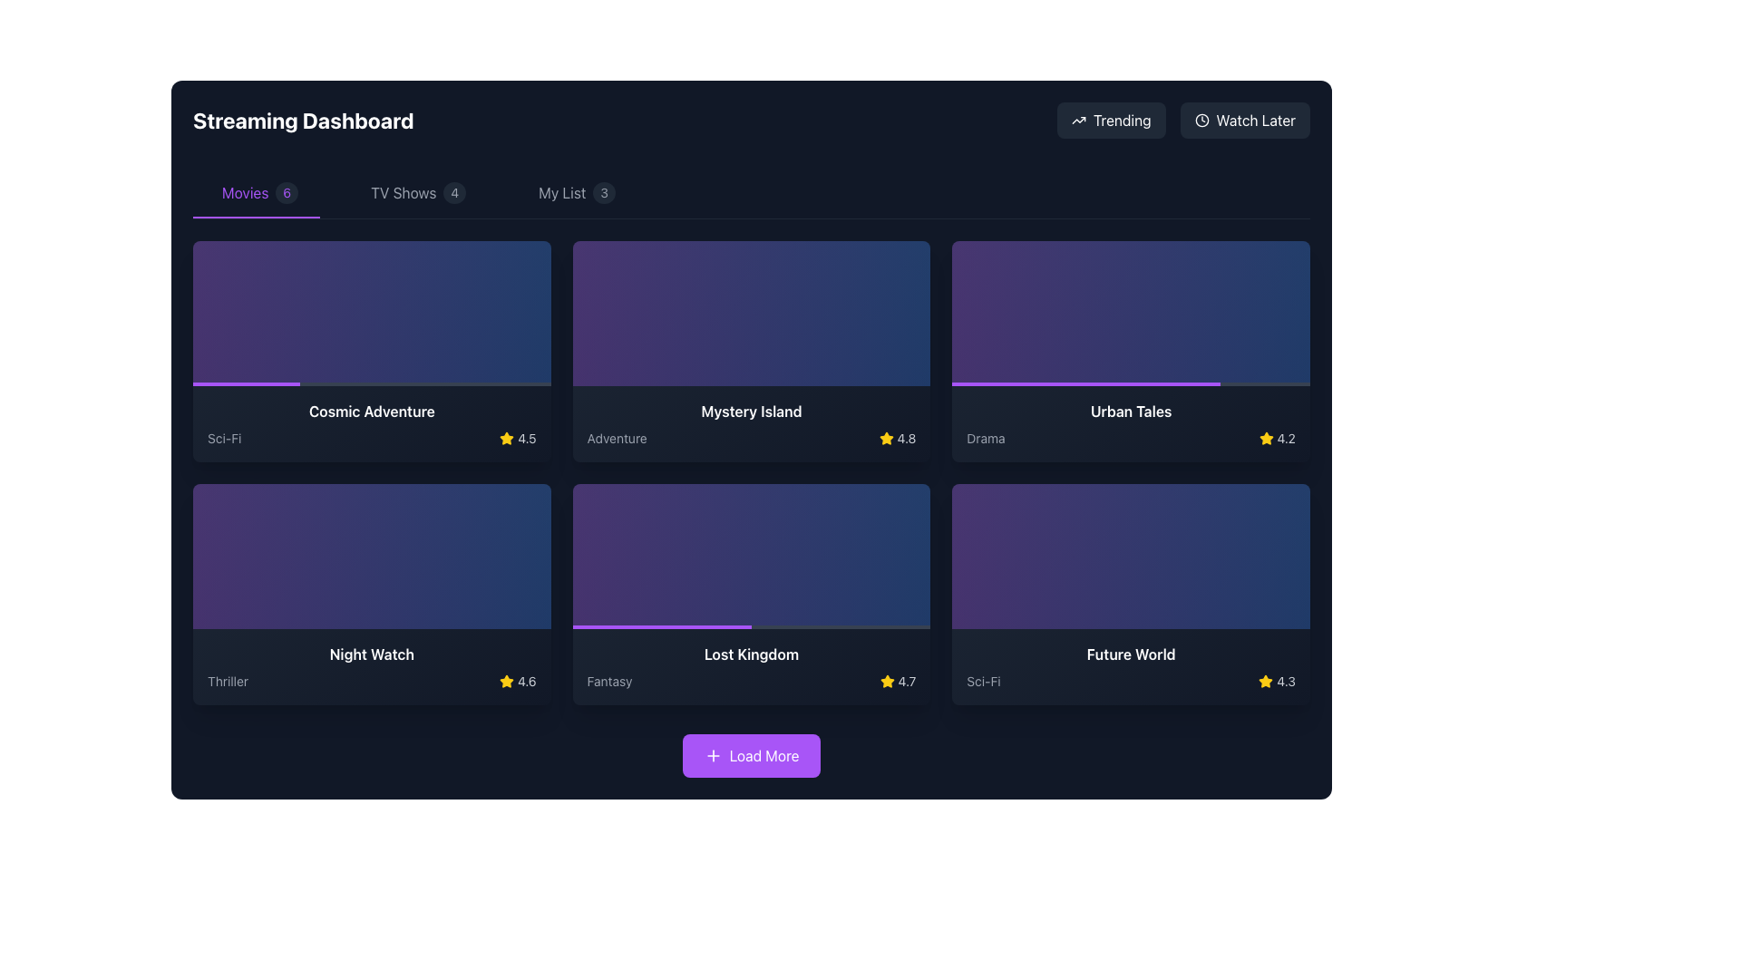 The width and height of the screenshot is (1741, 979). What do you see at coordinates (454, 192) in the screenshot?
I see `the Badge or numerical indicator that displays the count of TV shows, located to the right of the 'TV Shows' text in the navigation bar` at bounding box center [454, 192].